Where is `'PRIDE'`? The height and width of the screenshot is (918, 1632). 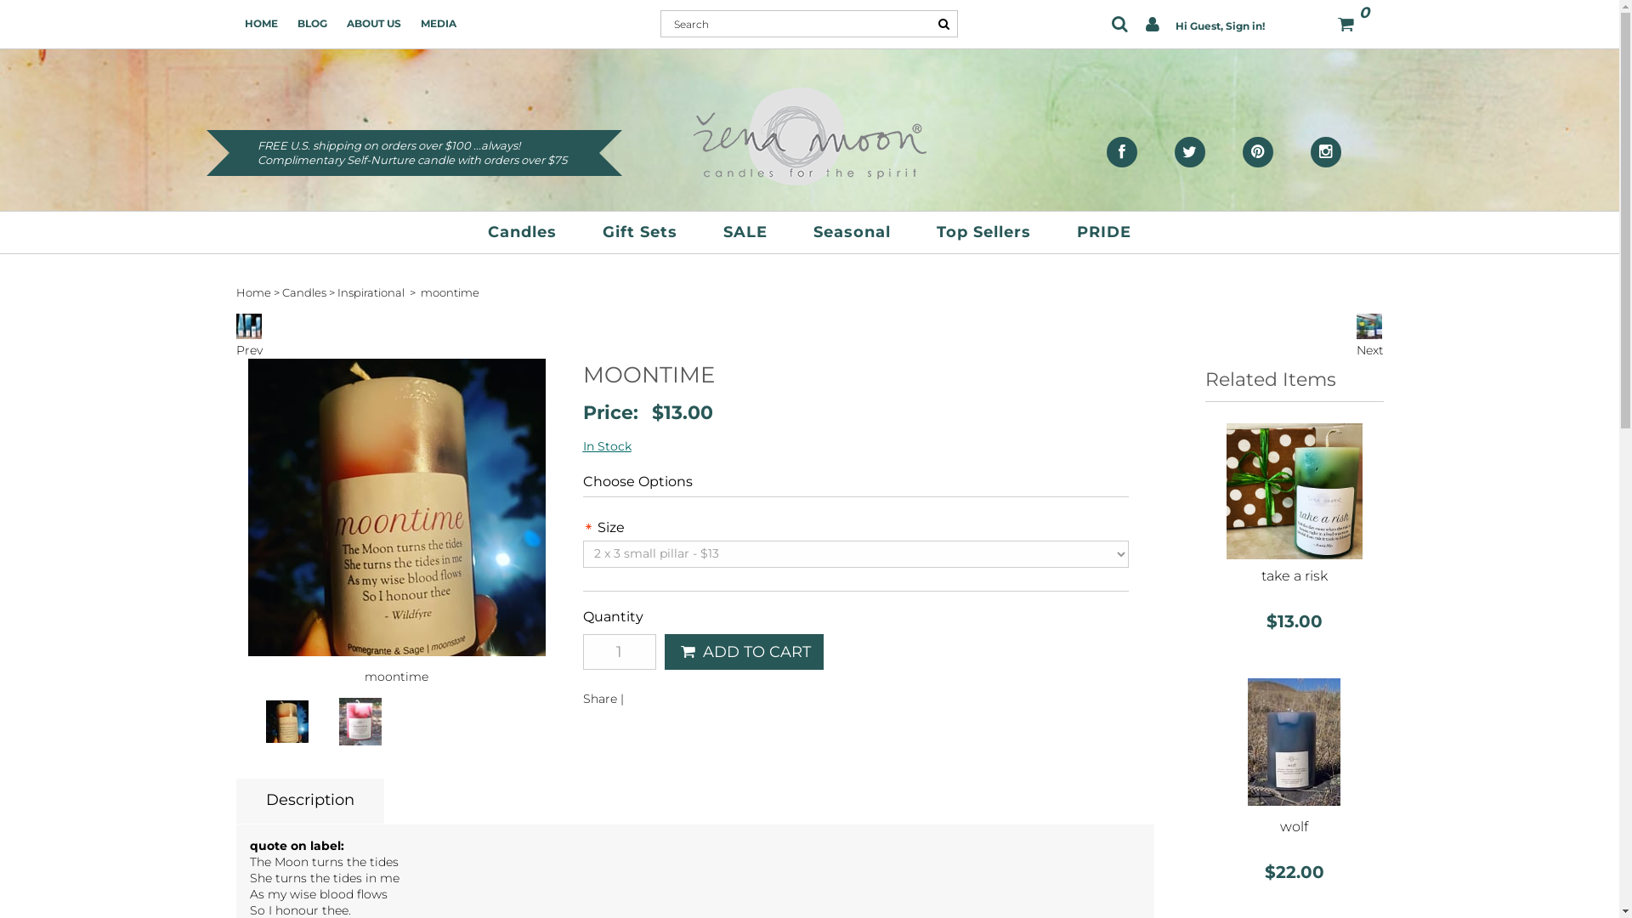 'PRIDE' is located at coordinates (1104, 231).